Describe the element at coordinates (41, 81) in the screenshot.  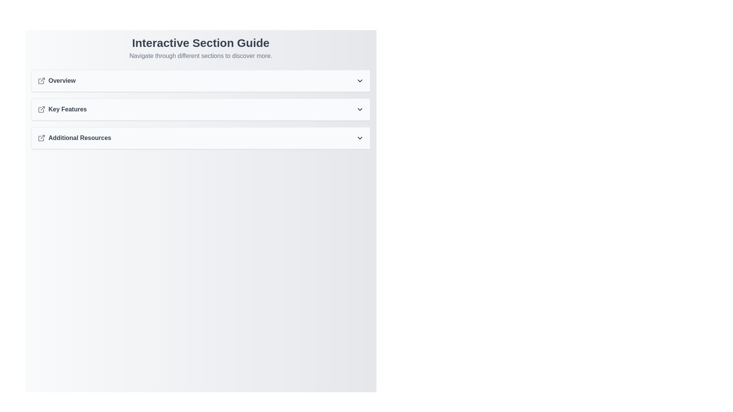
I see `the appearance of the small gray external link icon located to the left of the 'Overview' text in the first row of the vertically stacked list` at that location.